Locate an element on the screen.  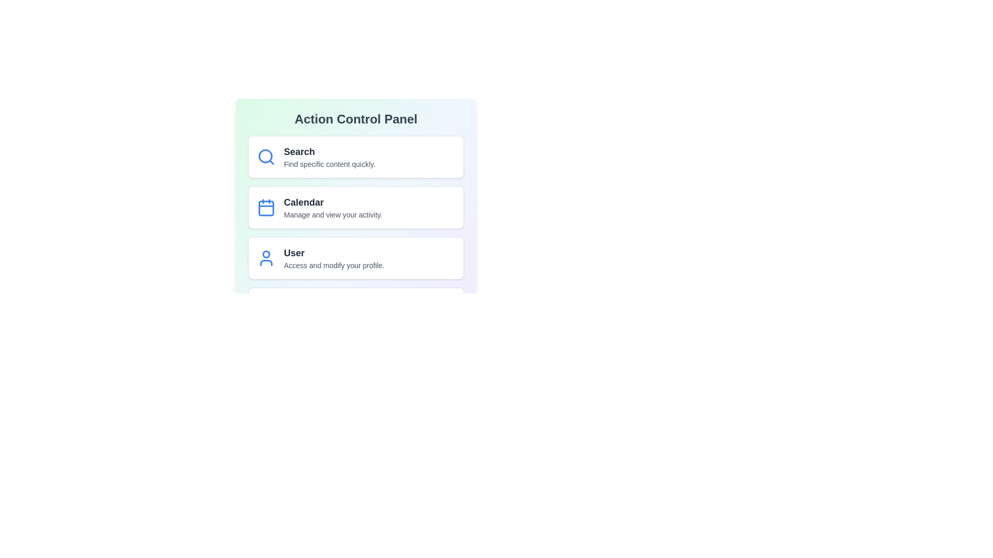
the text label or heading located at the top center of the card-like section that provides a descriptive title for the section and includes various actions or controls is located at coordinates (356, 119).